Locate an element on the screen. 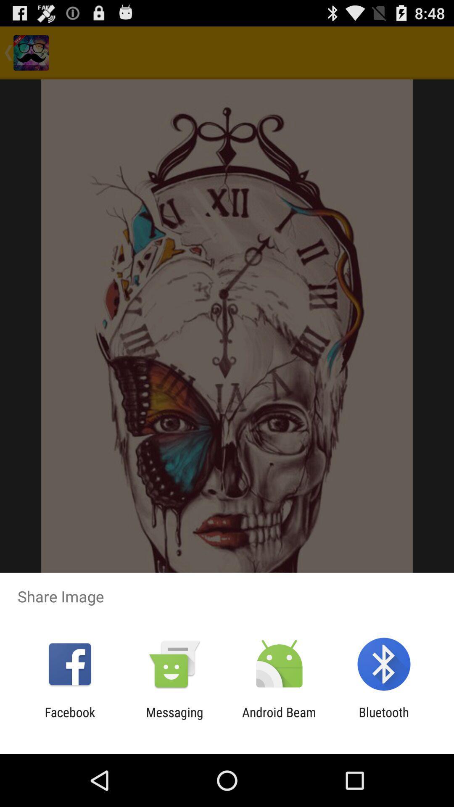  the item to the left of messaging icon is located at coordinates (69, 719).